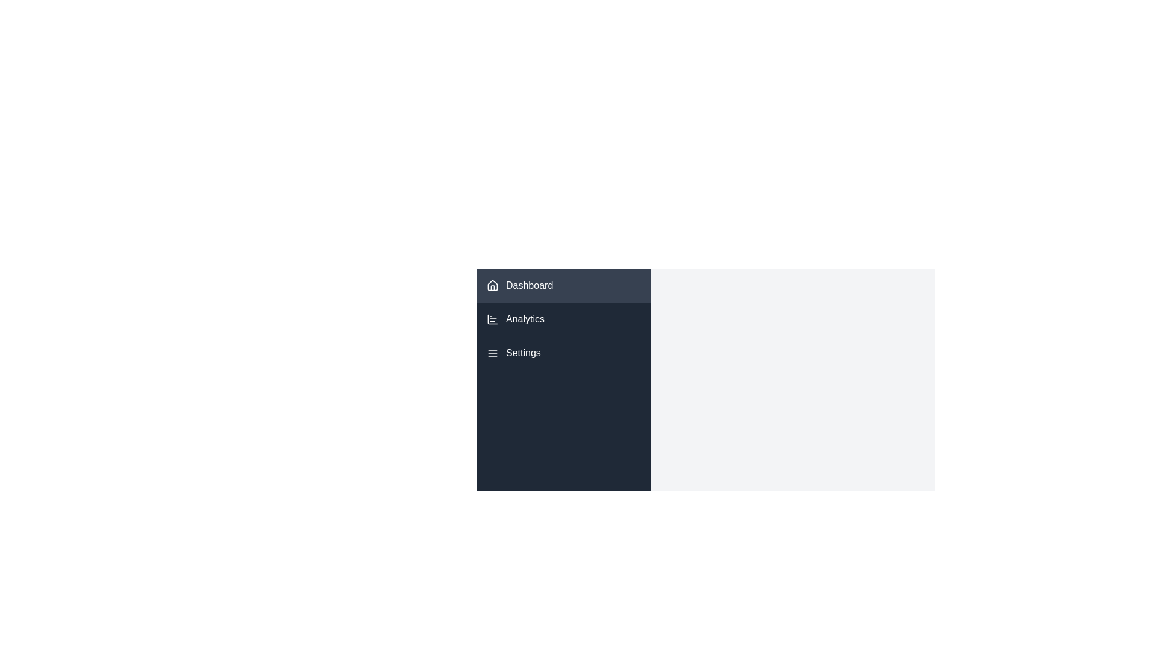  What do you see at coordinates (525, 318) in the screenshot?
I see `the 'Analytics' text label in the navigation menu` at bounding box center [525, 318].